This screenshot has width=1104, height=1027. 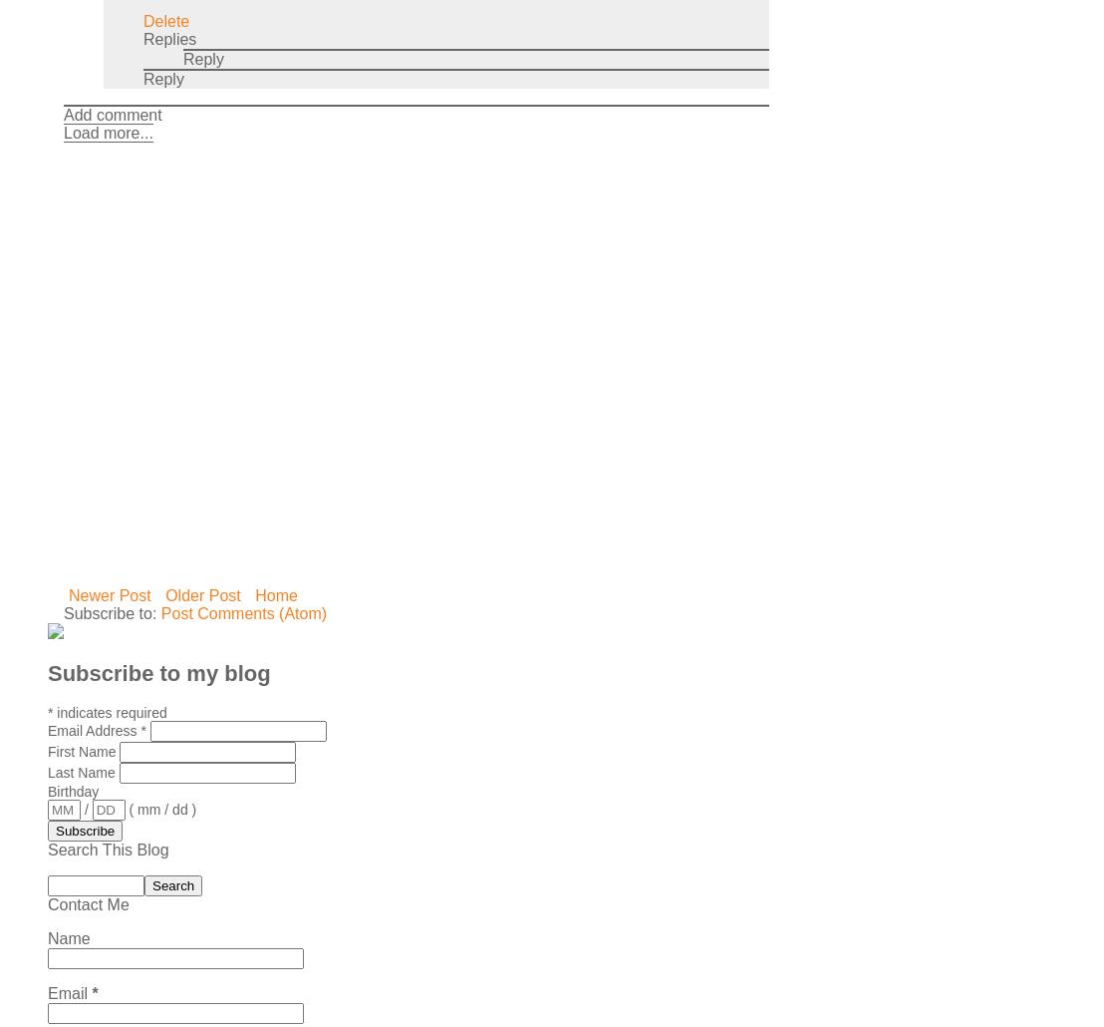 I want to click on 'Post Comments (Atom)', so click(x=158, y=611).